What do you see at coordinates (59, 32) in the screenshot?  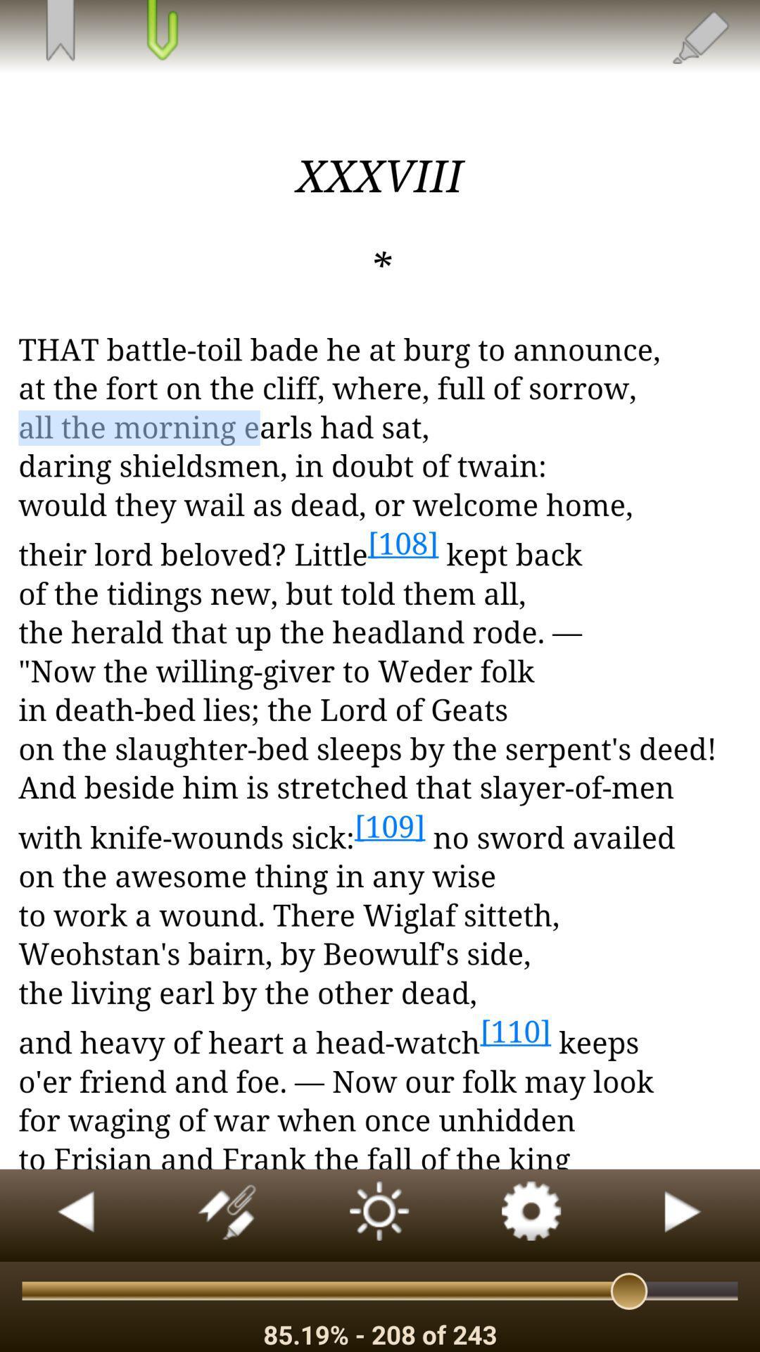 I see `save` at bounding box center [59, 32].